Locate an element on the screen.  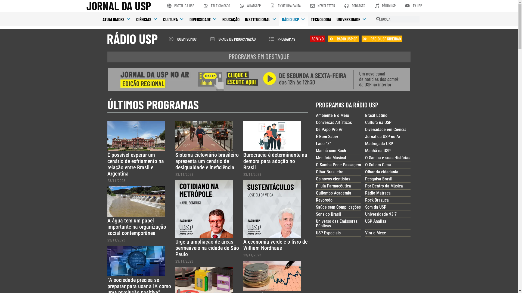
'ATUALIDADES' is located at coordinates (116, 19).